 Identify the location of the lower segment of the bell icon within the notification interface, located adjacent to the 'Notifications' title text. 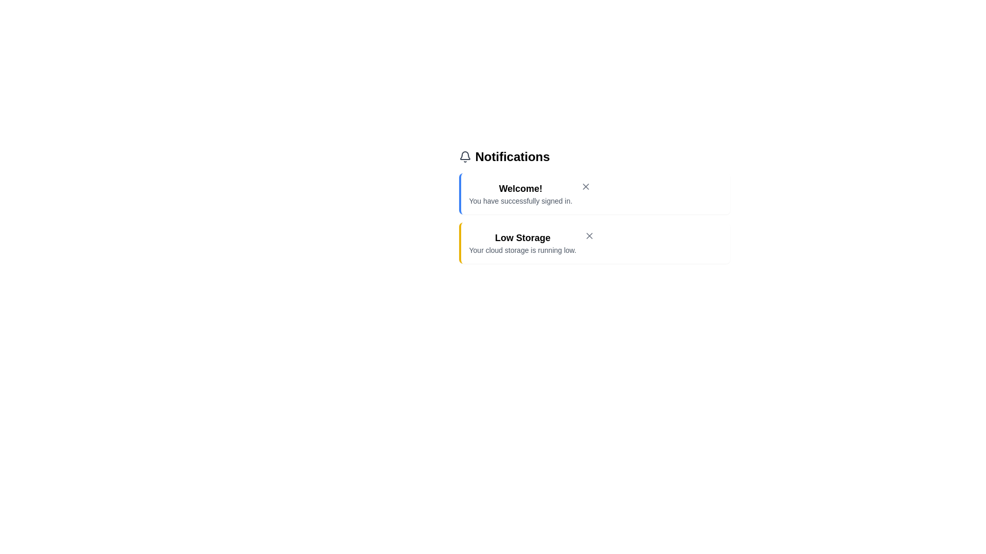
(464, 155).